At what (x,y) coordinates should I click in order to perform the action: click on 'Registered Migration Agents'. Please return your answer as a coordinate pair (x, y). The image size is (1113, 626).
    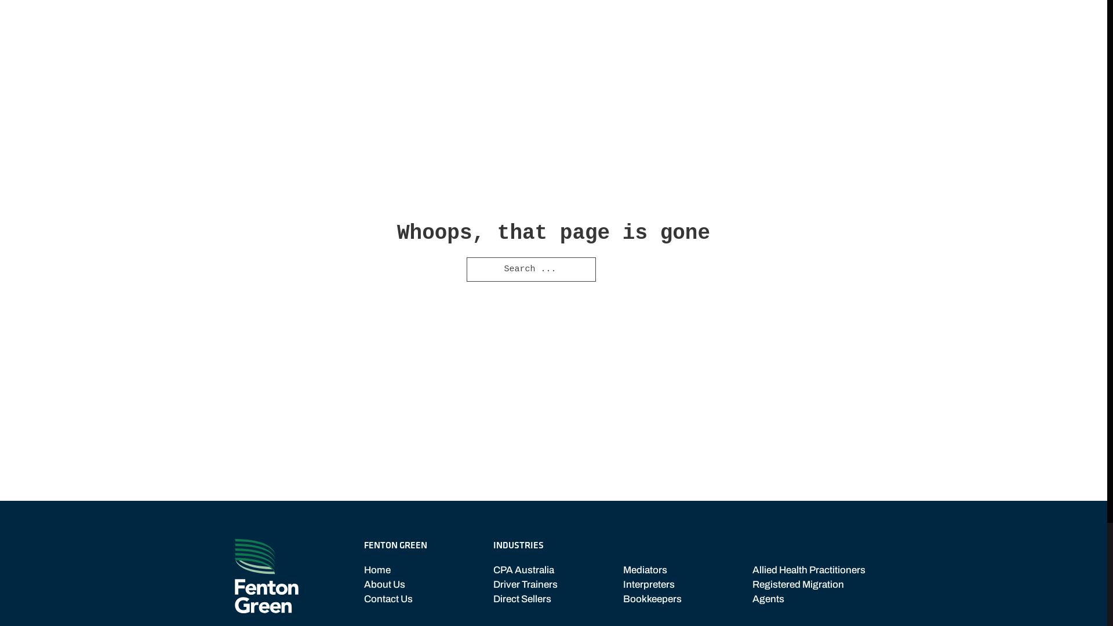
    Looking at the image, I should click on (752, 592).